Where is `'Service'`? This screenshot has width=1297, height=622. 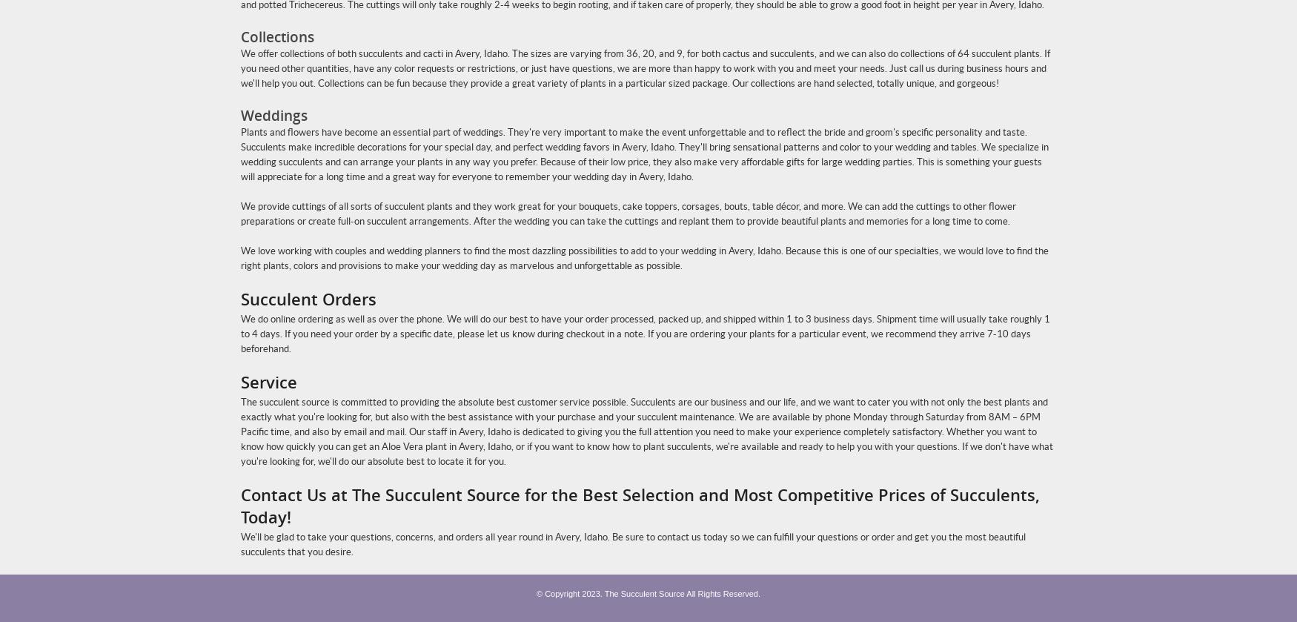 'Service' is located at coordinates (240, 381).